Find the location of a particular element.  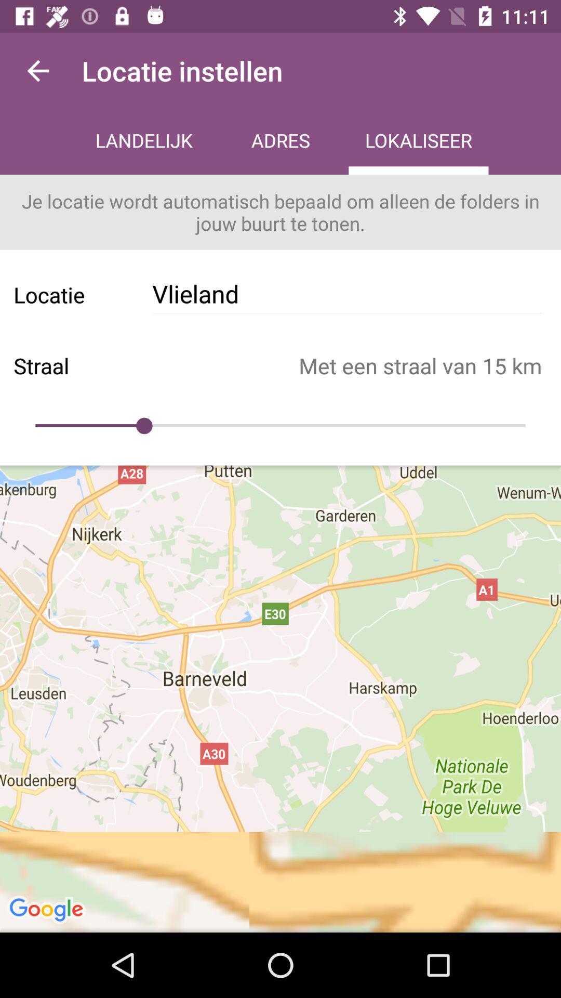

landelijk icon is located at coordinates (144, 141).